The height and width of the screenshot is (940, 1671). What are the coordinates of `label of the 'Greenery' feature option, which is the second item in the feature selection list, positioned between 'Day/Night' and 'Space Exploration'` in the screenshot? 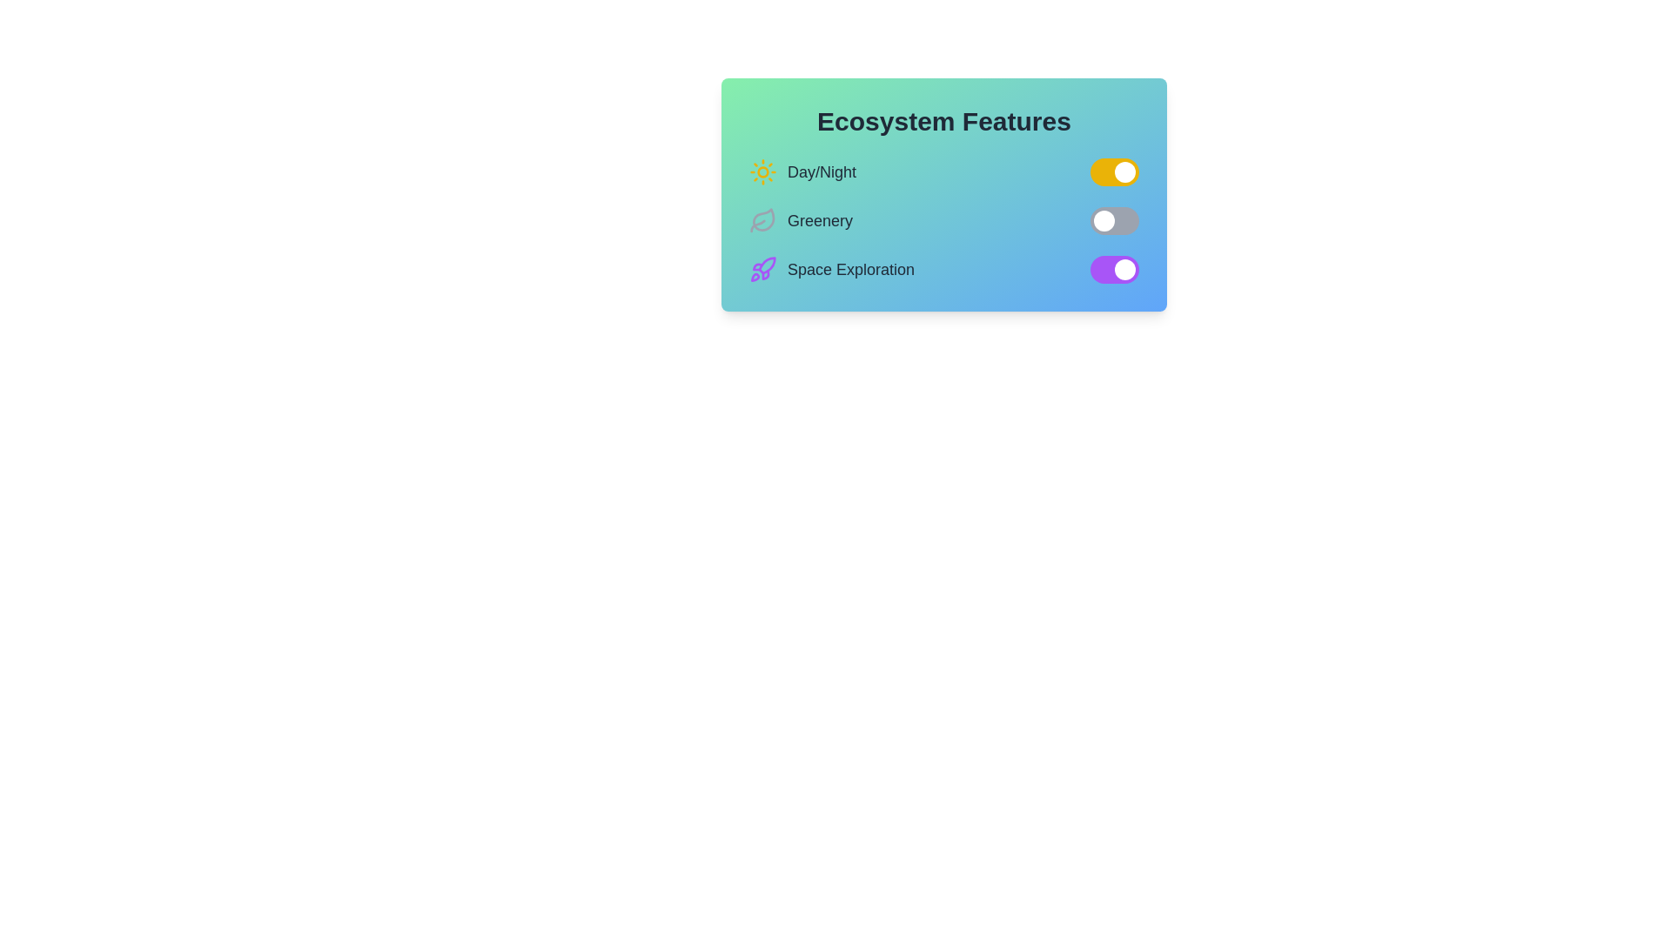 It's located at (800, 220).